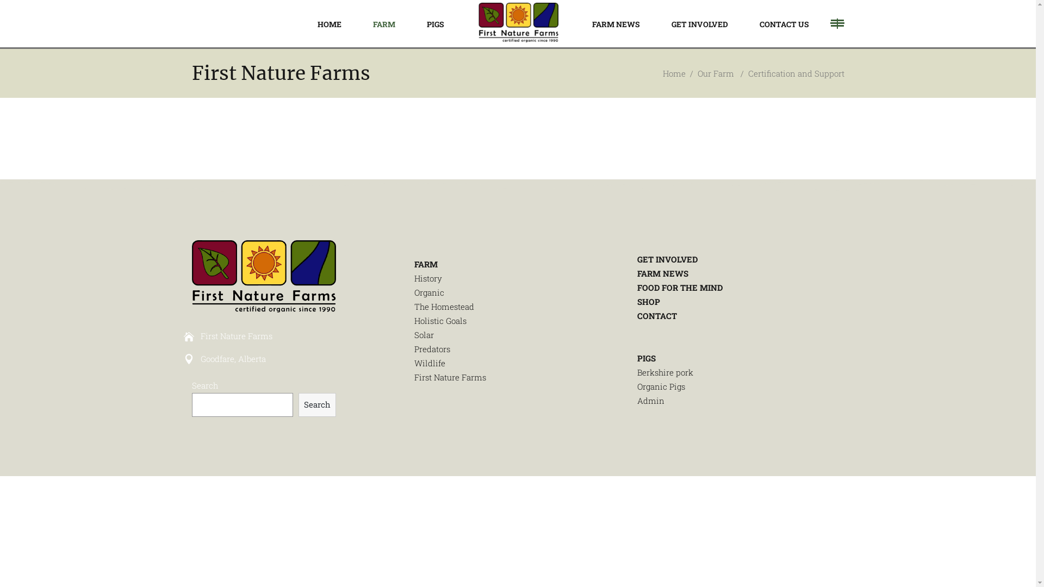 Image resolution: width=1044 pixels, height=587 pixels. What do you see at coordinates (414, 291) in the screenshot?
I see `'Organic'` at bounding box center [414, 291].